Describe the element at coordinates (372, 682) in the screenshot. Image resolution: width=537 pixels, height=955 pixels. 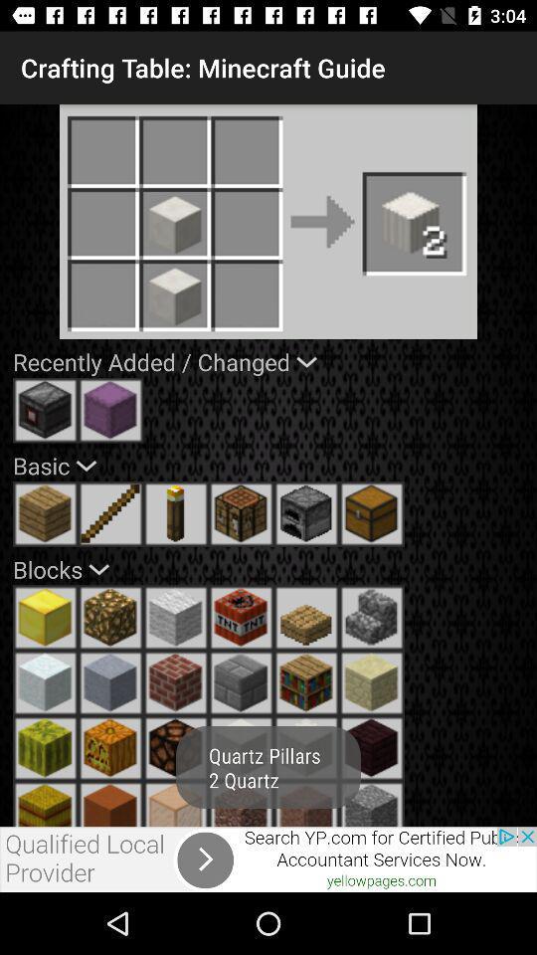
I see `pick this block` at that location.